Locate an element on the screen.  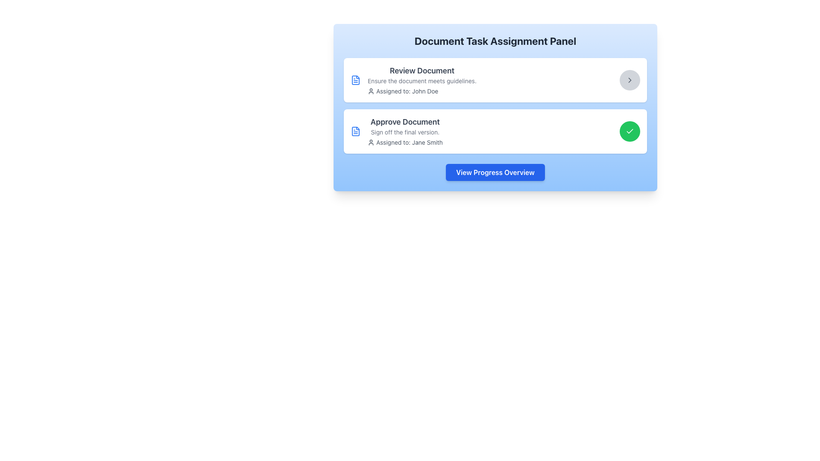
the small blue file icon located to the left of the 'Approve Document' text in the task section is located at coordinates (356, 131).